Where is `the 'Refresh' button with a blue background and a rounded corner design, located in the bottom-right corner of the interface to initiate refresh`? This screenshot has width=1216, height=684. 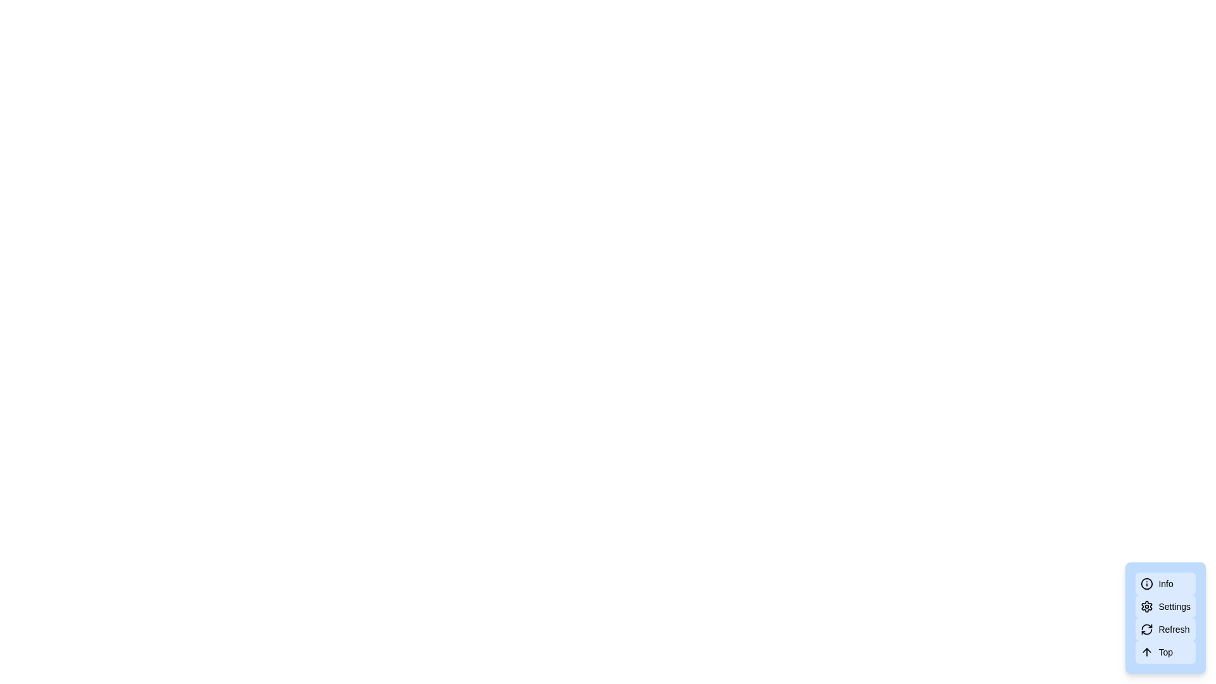 the 'Refresh' button with a blue background and a rounded corner design, located in the bottom-right corner of the interface to initiate refresh is located at coordinates (1165, 617).